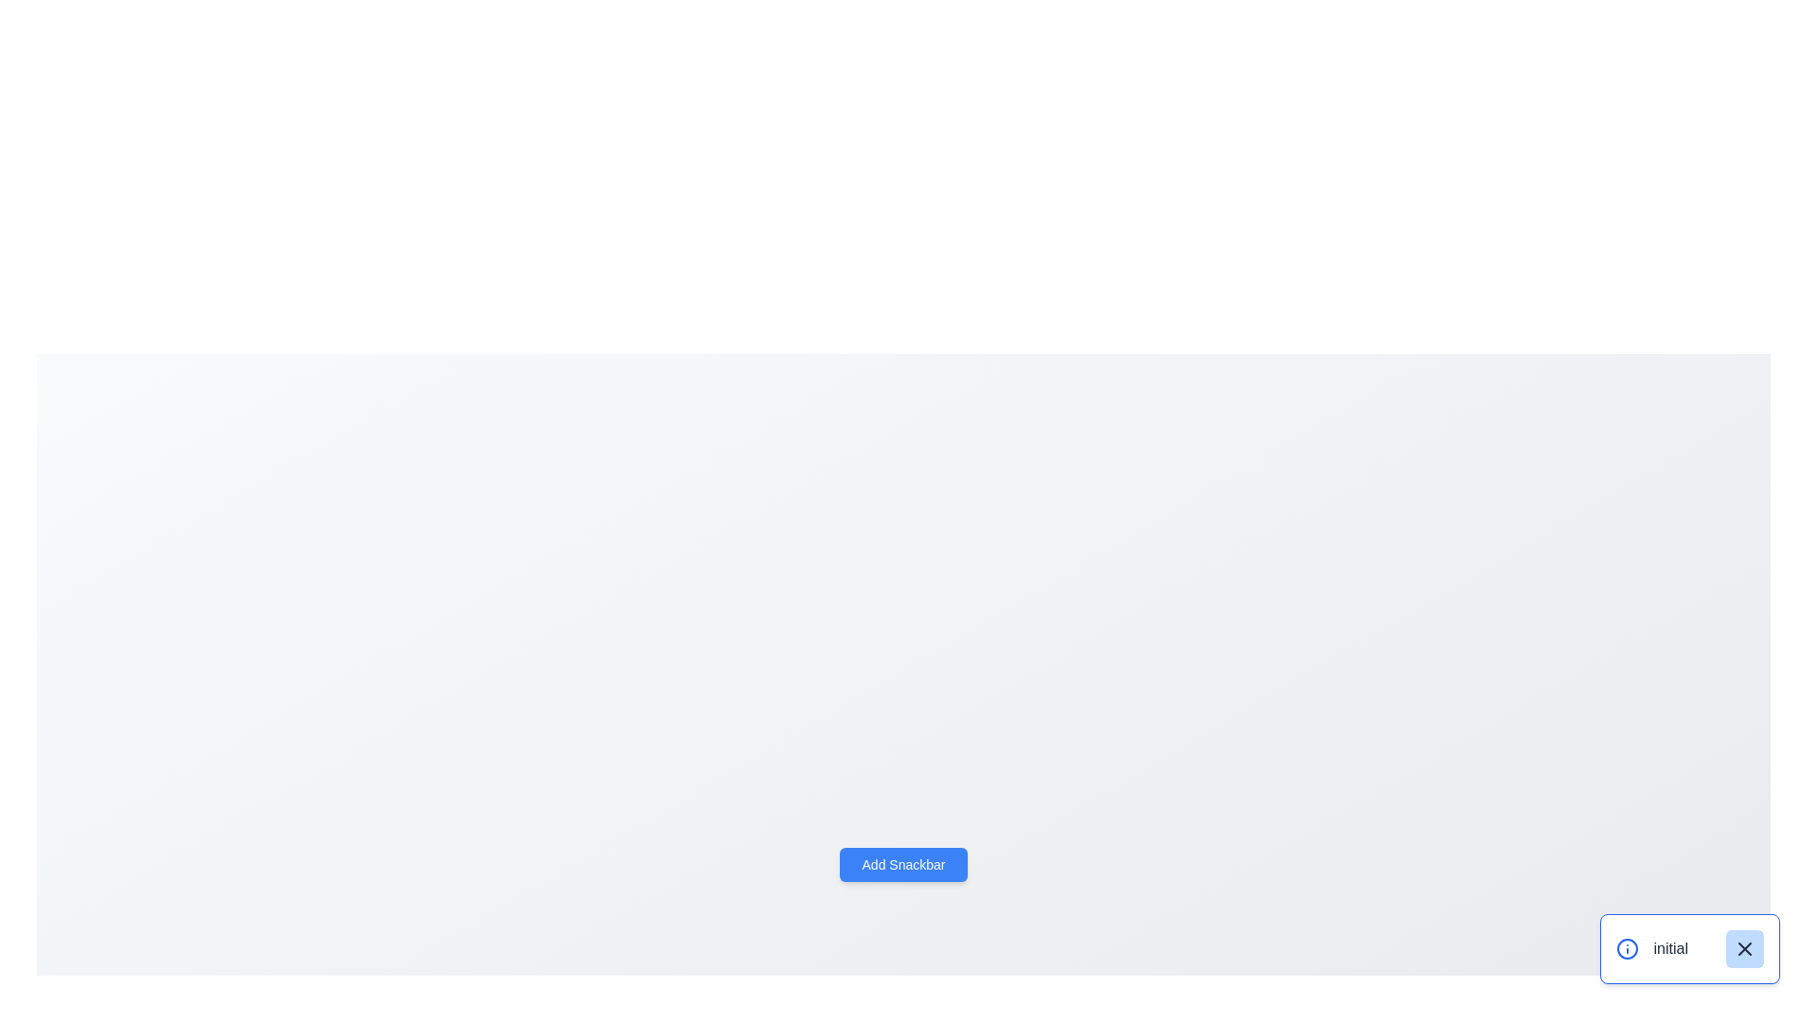 The height and width of the screenshot is (1022, 1818). Describe the element at coordinates (1744, 948) in the screenshot. I see `the 'X' close icon, which is a small gray graphical component located at the bottom-right corner of the user interface` at that location.